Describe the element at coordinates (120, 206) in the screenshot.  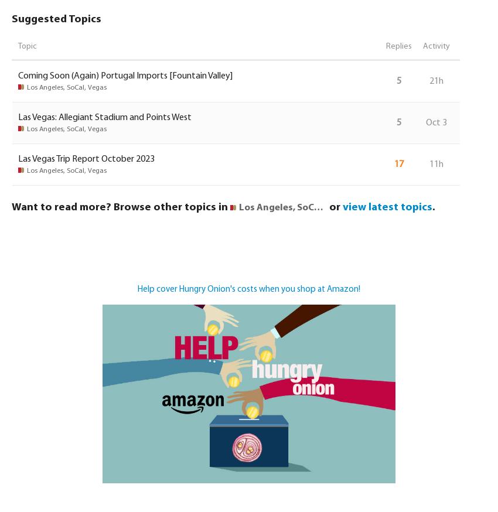
I see `'Want to read more? Browse other topics in'` at that location.